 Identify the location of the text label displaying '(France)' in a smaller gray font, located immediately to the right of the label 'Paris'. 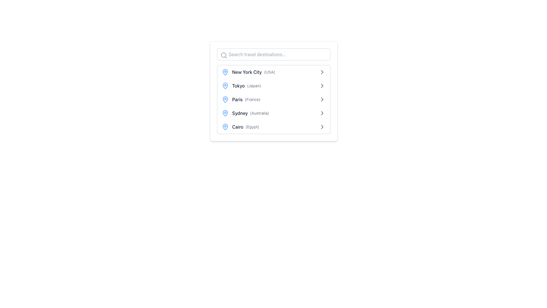
(252, 99).